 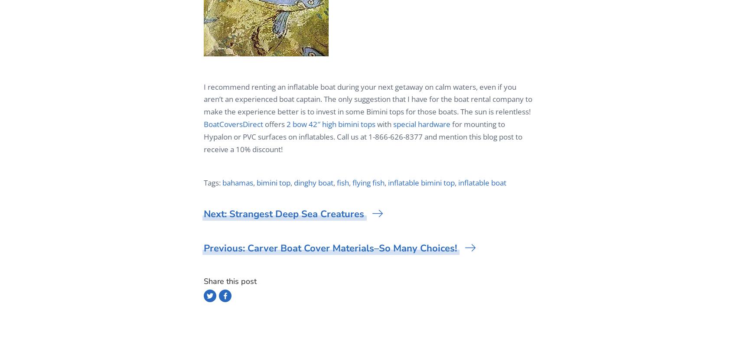 What do you see at coordinates (213, 182) in the screenshot?
I see `'Tags:'` at bounding box center [213, 182].